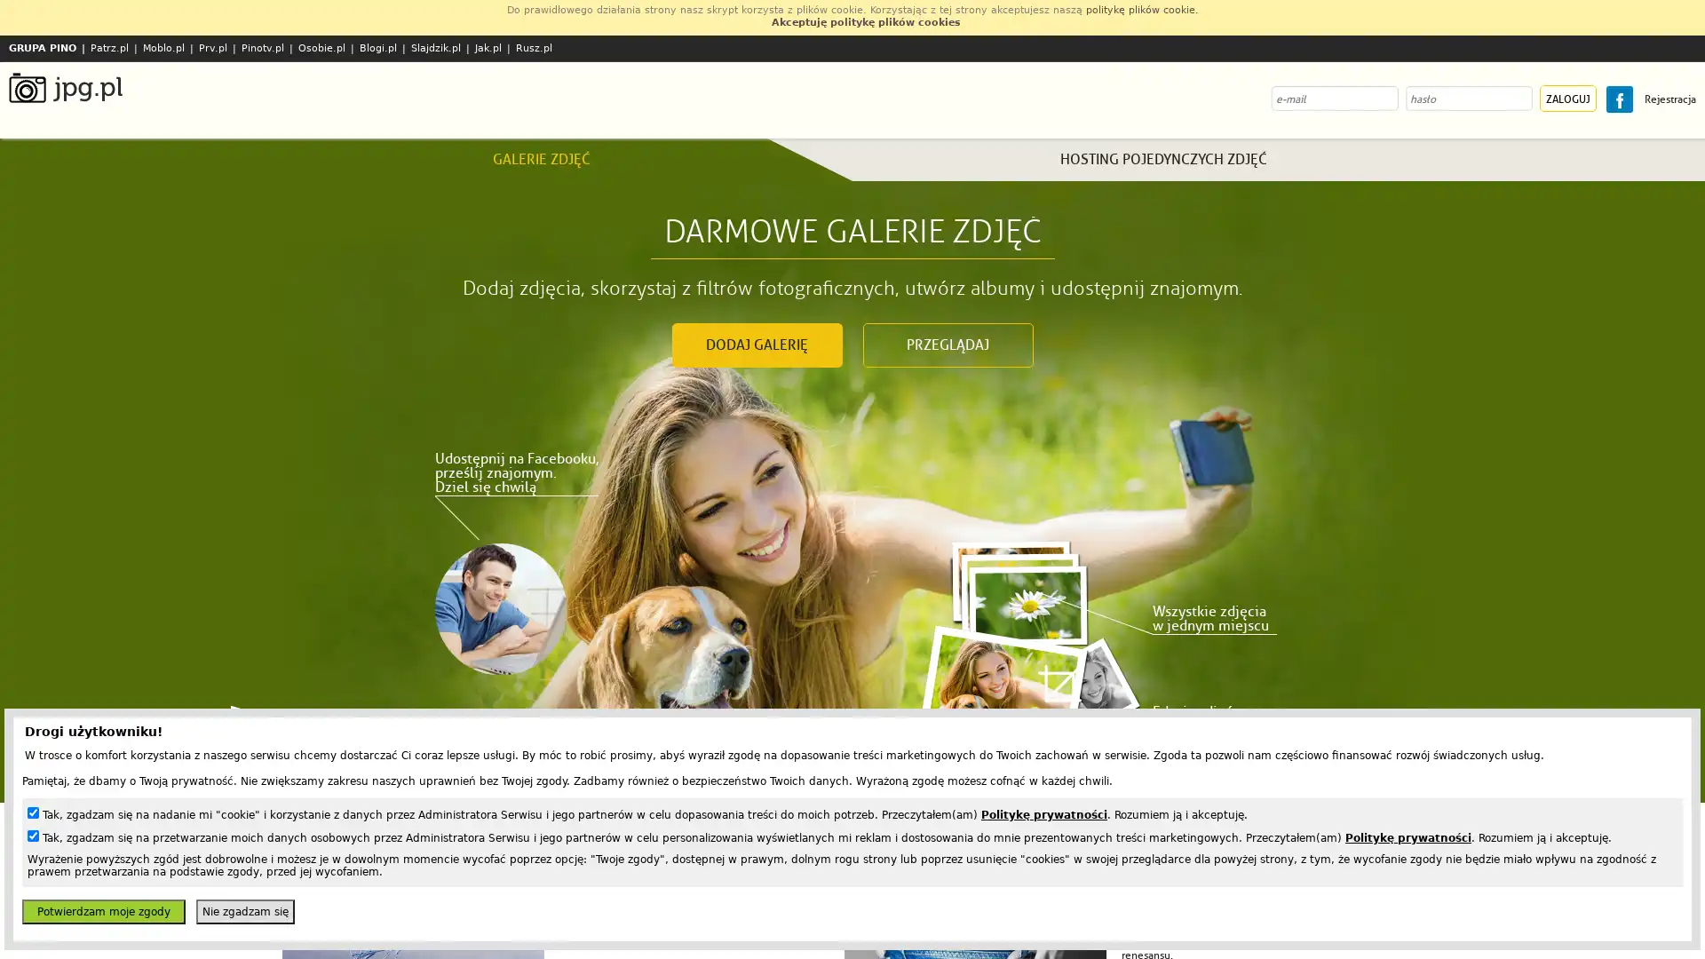  I want to click on Zaloguj, so click(1568, 99).